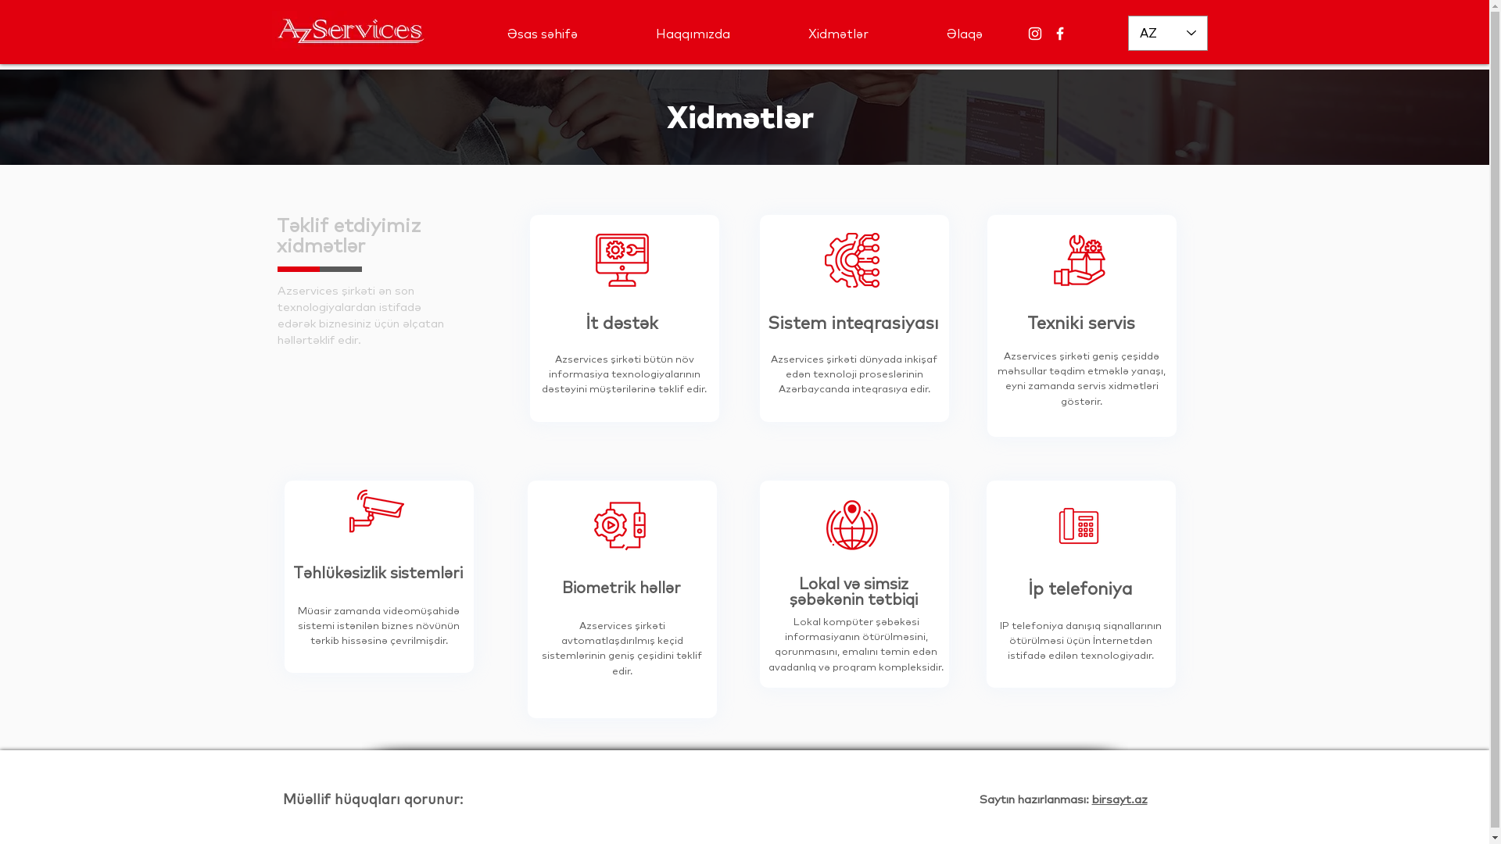 The width and height of the screenshot is (1501, 844). What do you see at coordinates (1118, 799) in the screenshot?
I see `'birsayt.az'` at bounding box center [1118, 799].